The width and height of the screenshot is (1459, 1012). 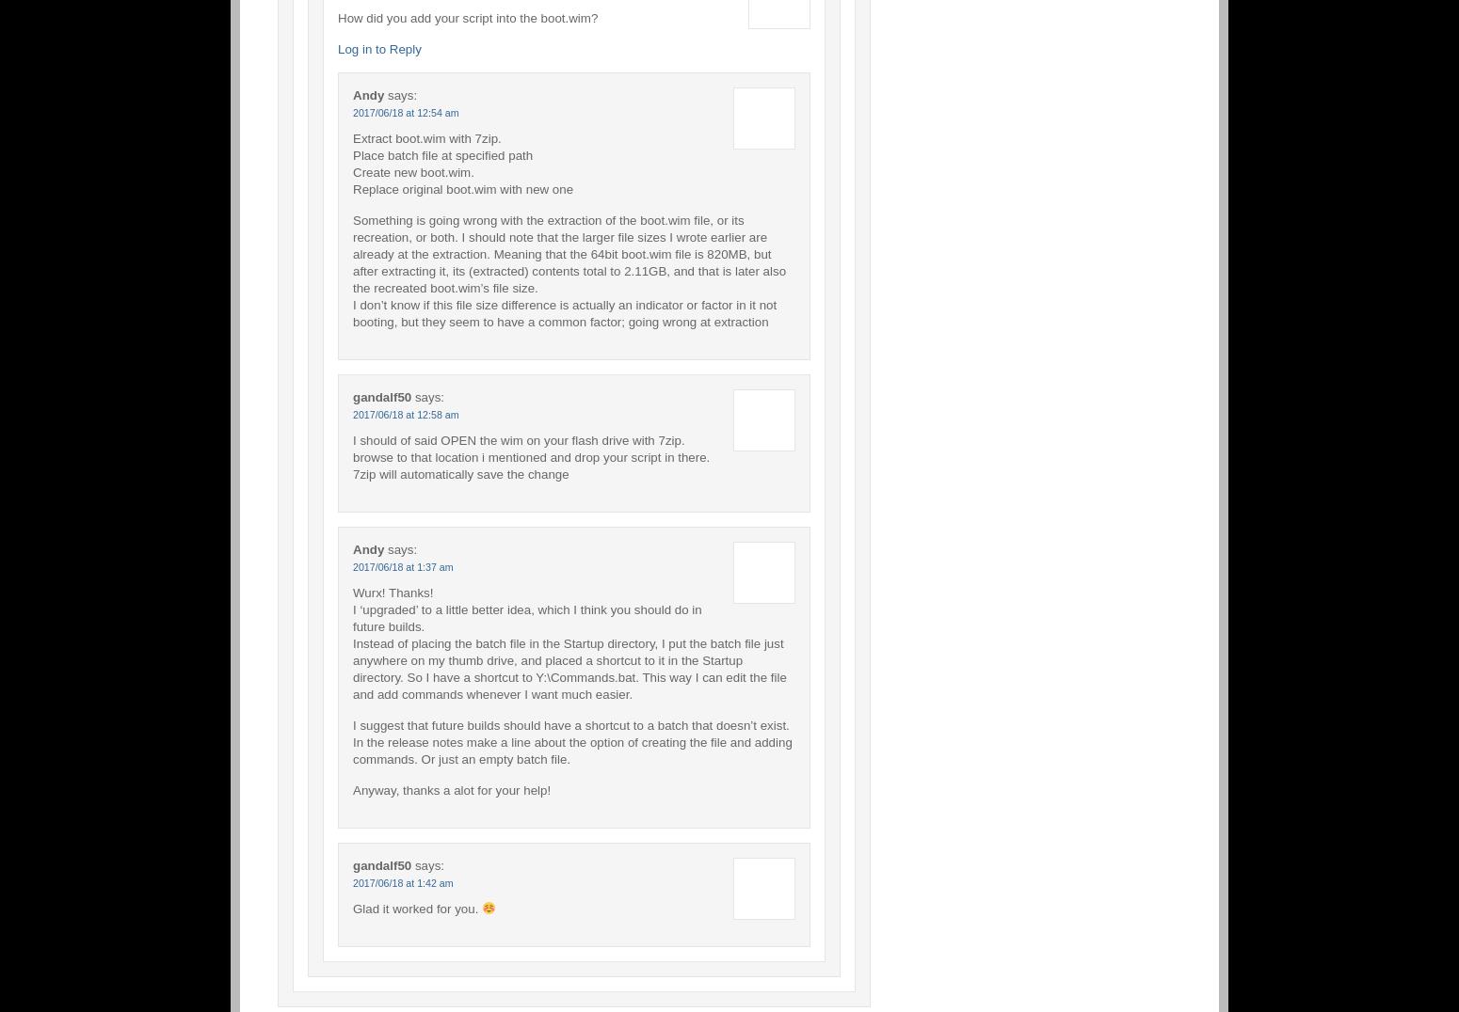 What do you see at coordinates (451, 788) in the screenshot?
I see `'Anyway, thanks a alot for your help!'` at bounding box center [451, 788].